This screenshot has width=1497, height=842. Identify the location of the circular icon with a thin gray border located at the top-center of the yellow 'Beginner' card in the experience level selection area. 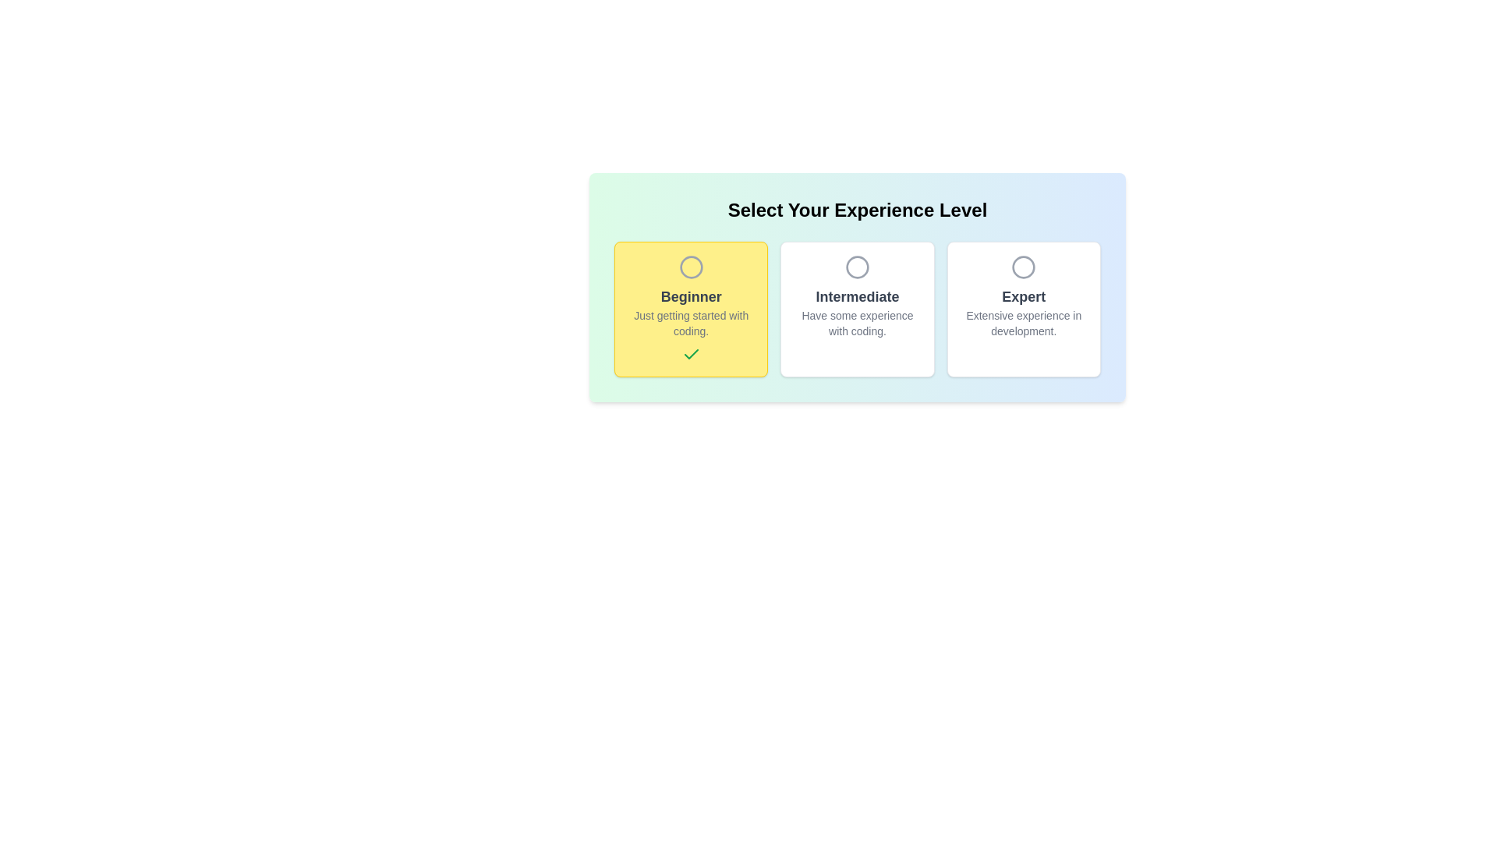
(690, 267).